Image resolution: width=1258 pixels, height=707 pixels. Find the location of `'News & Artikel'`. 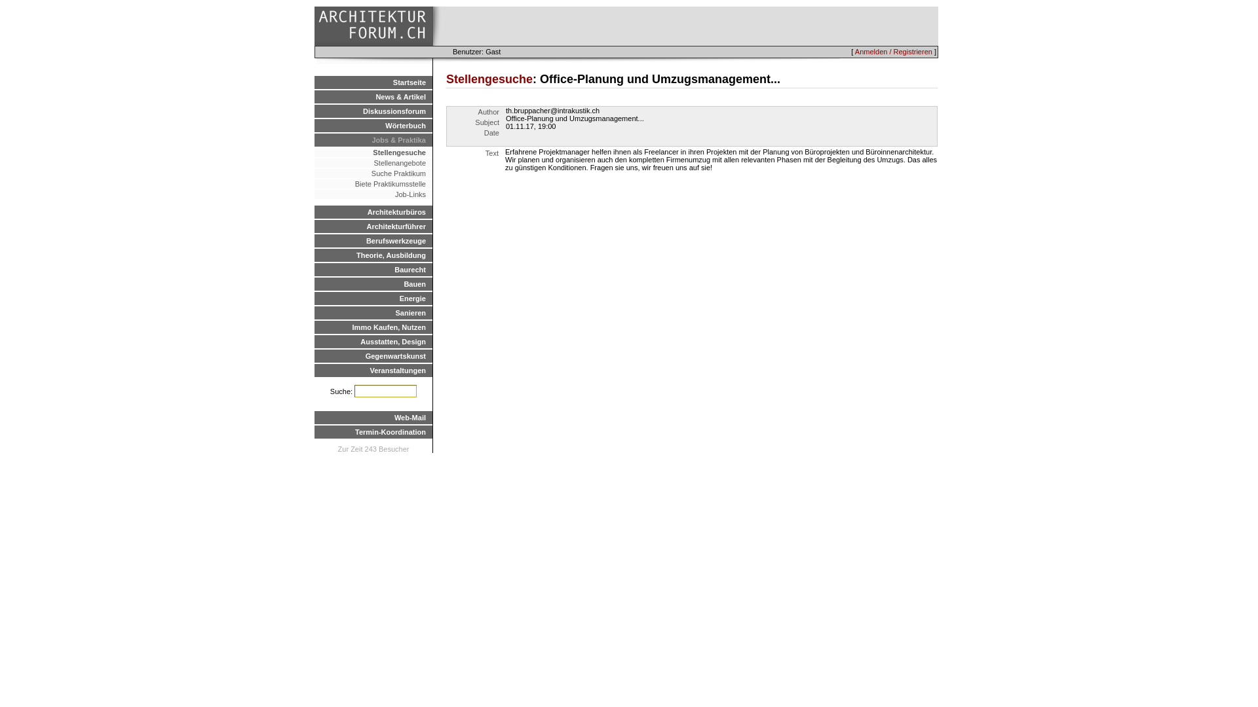

'News & Artikel' is located at coordinates (373, 96).